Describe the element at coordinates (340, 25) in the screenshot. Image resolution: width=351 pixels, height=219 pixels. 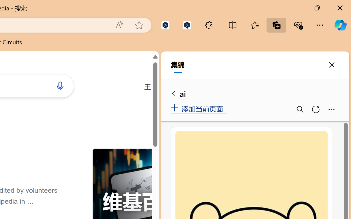
I see `'Copilot (Ctrl+Shift+.)'` at that location.